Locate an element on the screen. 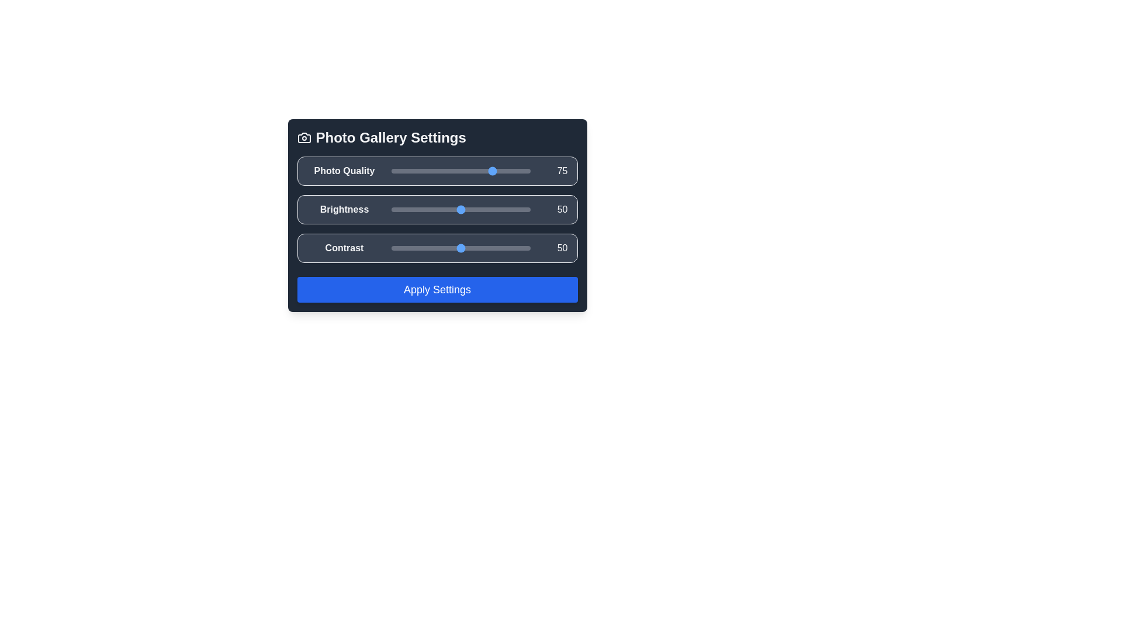  the brightness is located at coordinates (412, 209).